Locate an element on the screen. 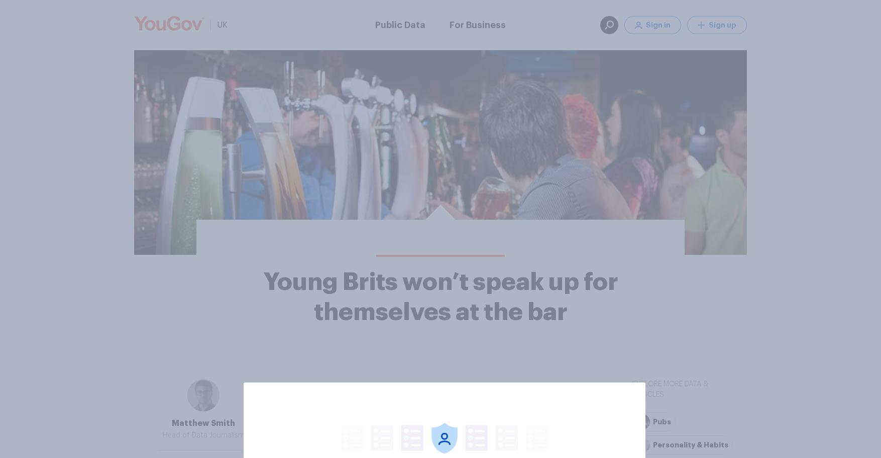  'They are also less keen on buying rounds than their elders' is located at coordinates (290, 387).